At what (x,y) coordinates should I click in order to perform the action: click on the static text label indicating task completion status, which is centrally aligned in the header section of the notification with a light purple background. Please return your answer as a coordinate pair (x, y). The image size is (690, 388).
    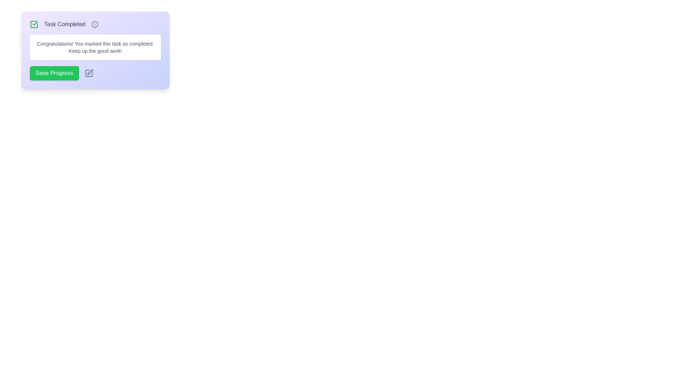
    Looking at the image, I should click on (65, 24).